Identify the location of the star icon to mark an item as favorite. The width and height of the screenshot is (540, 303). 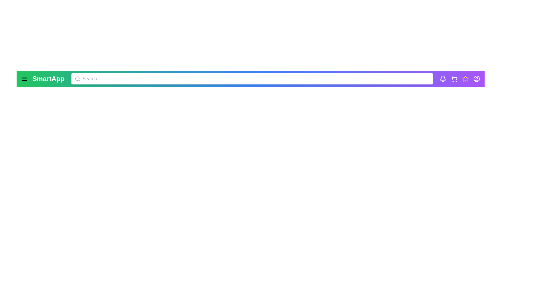
(465, 79).